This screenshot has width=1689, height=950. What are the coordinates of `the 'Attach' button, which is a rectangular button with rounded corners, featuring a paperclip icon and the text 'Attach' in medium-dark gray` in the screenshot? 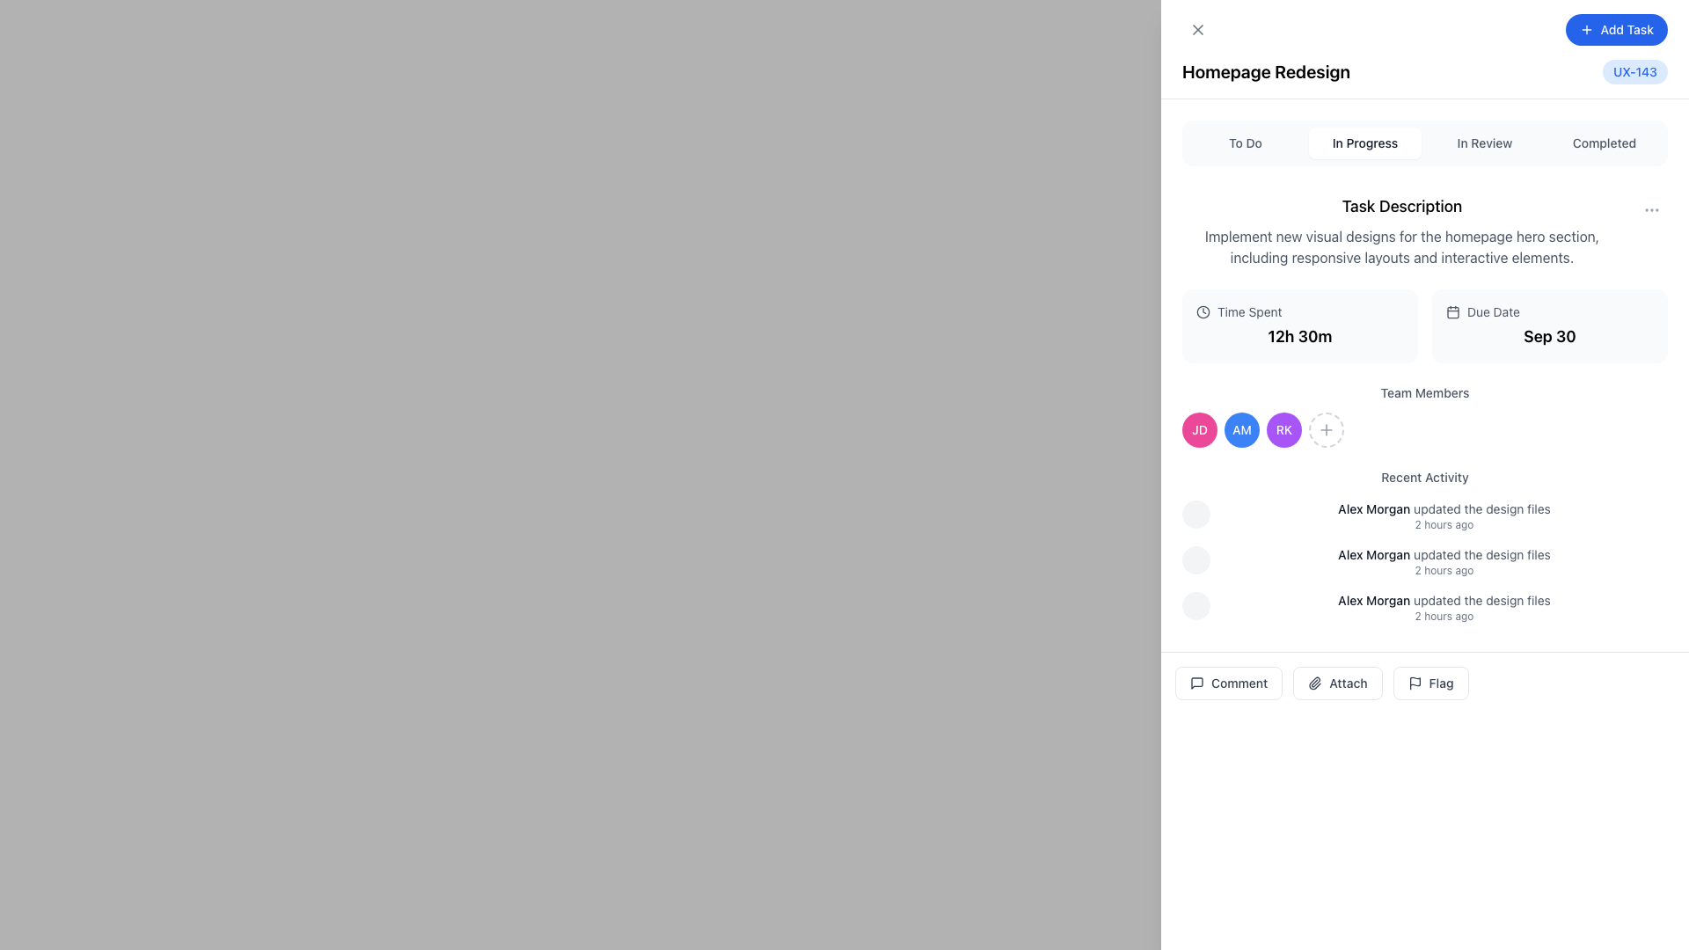 It's located at (1337, 682).